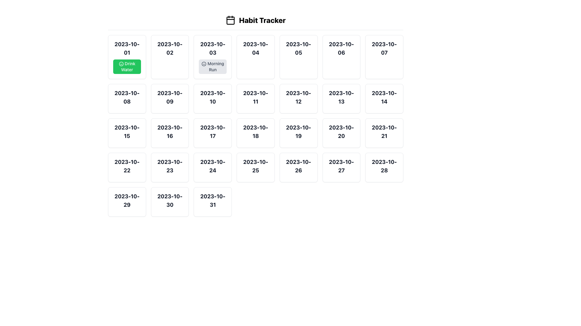 The height and width of the screenshot is (326, 581). What do you see at coordinates (255, 168) in the screenshot?
I see `the card displaying the date '2023-10-25' located in the fifth row and fifth column of the calendar grid` at bounding box center [255, 168].